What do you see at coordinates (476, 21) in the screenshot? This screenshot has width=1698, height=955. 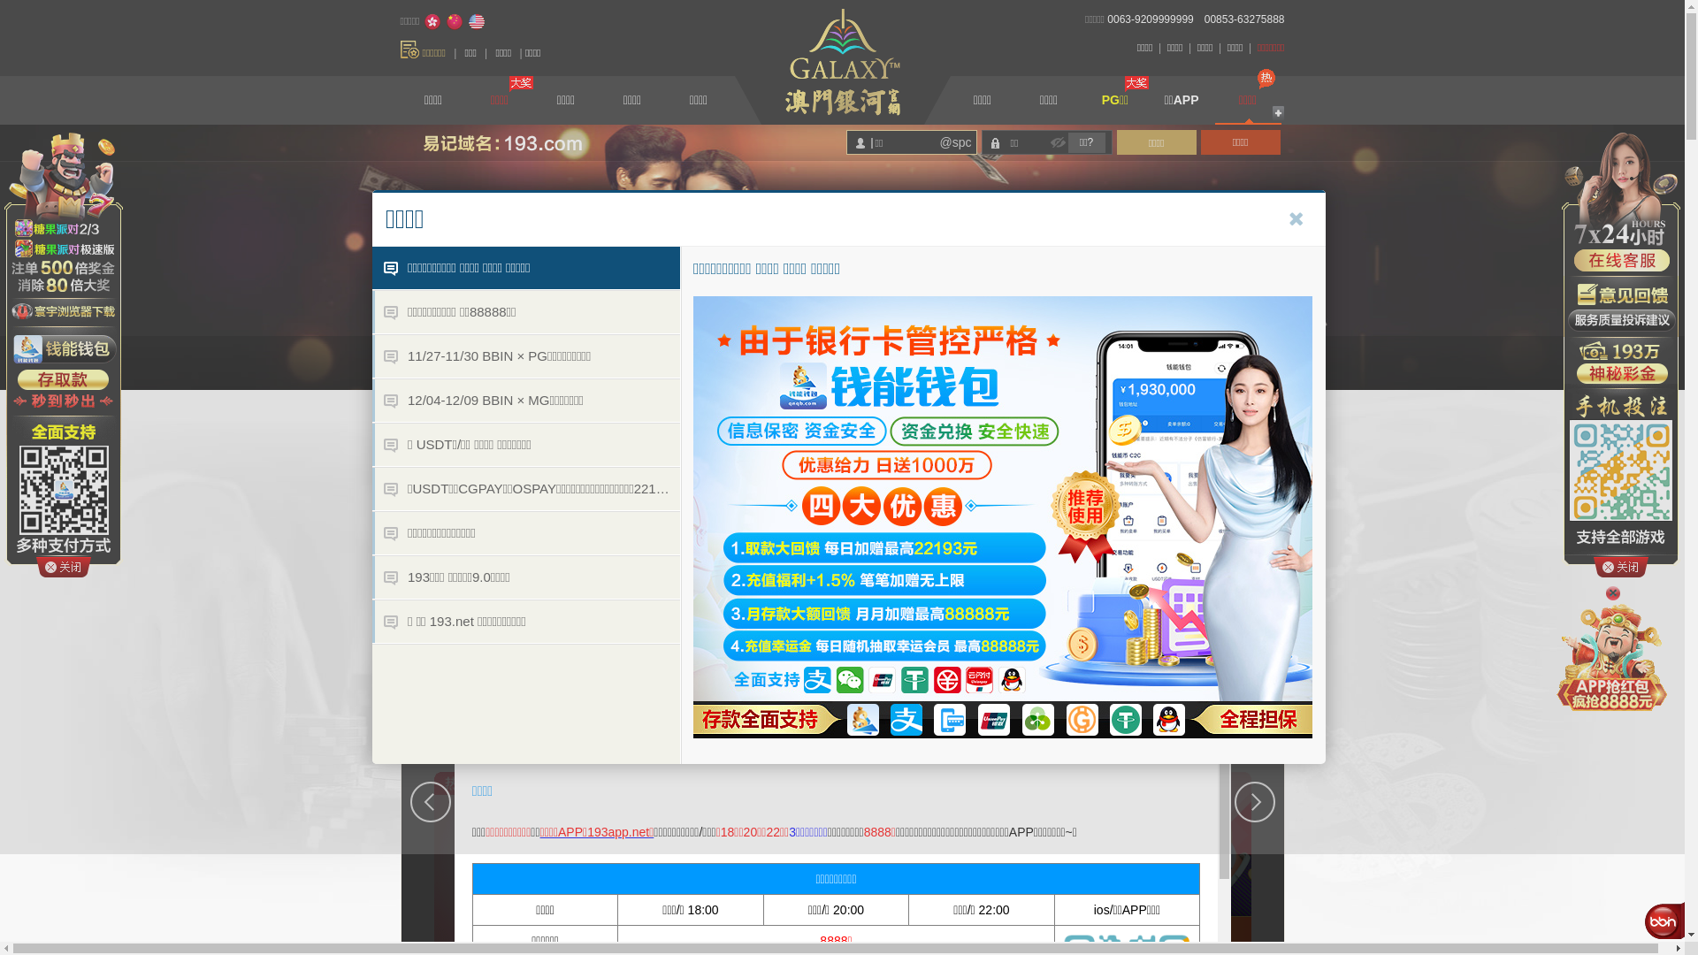 I see `'English'` at bounding box center [476, 21].